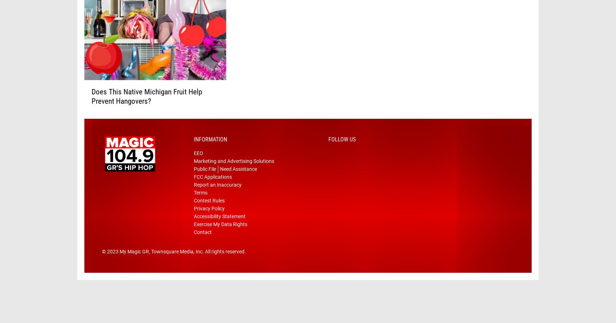 This screenshot has height=323, width=616. I want to click on 'Privacy Policy', so click(209, 220).